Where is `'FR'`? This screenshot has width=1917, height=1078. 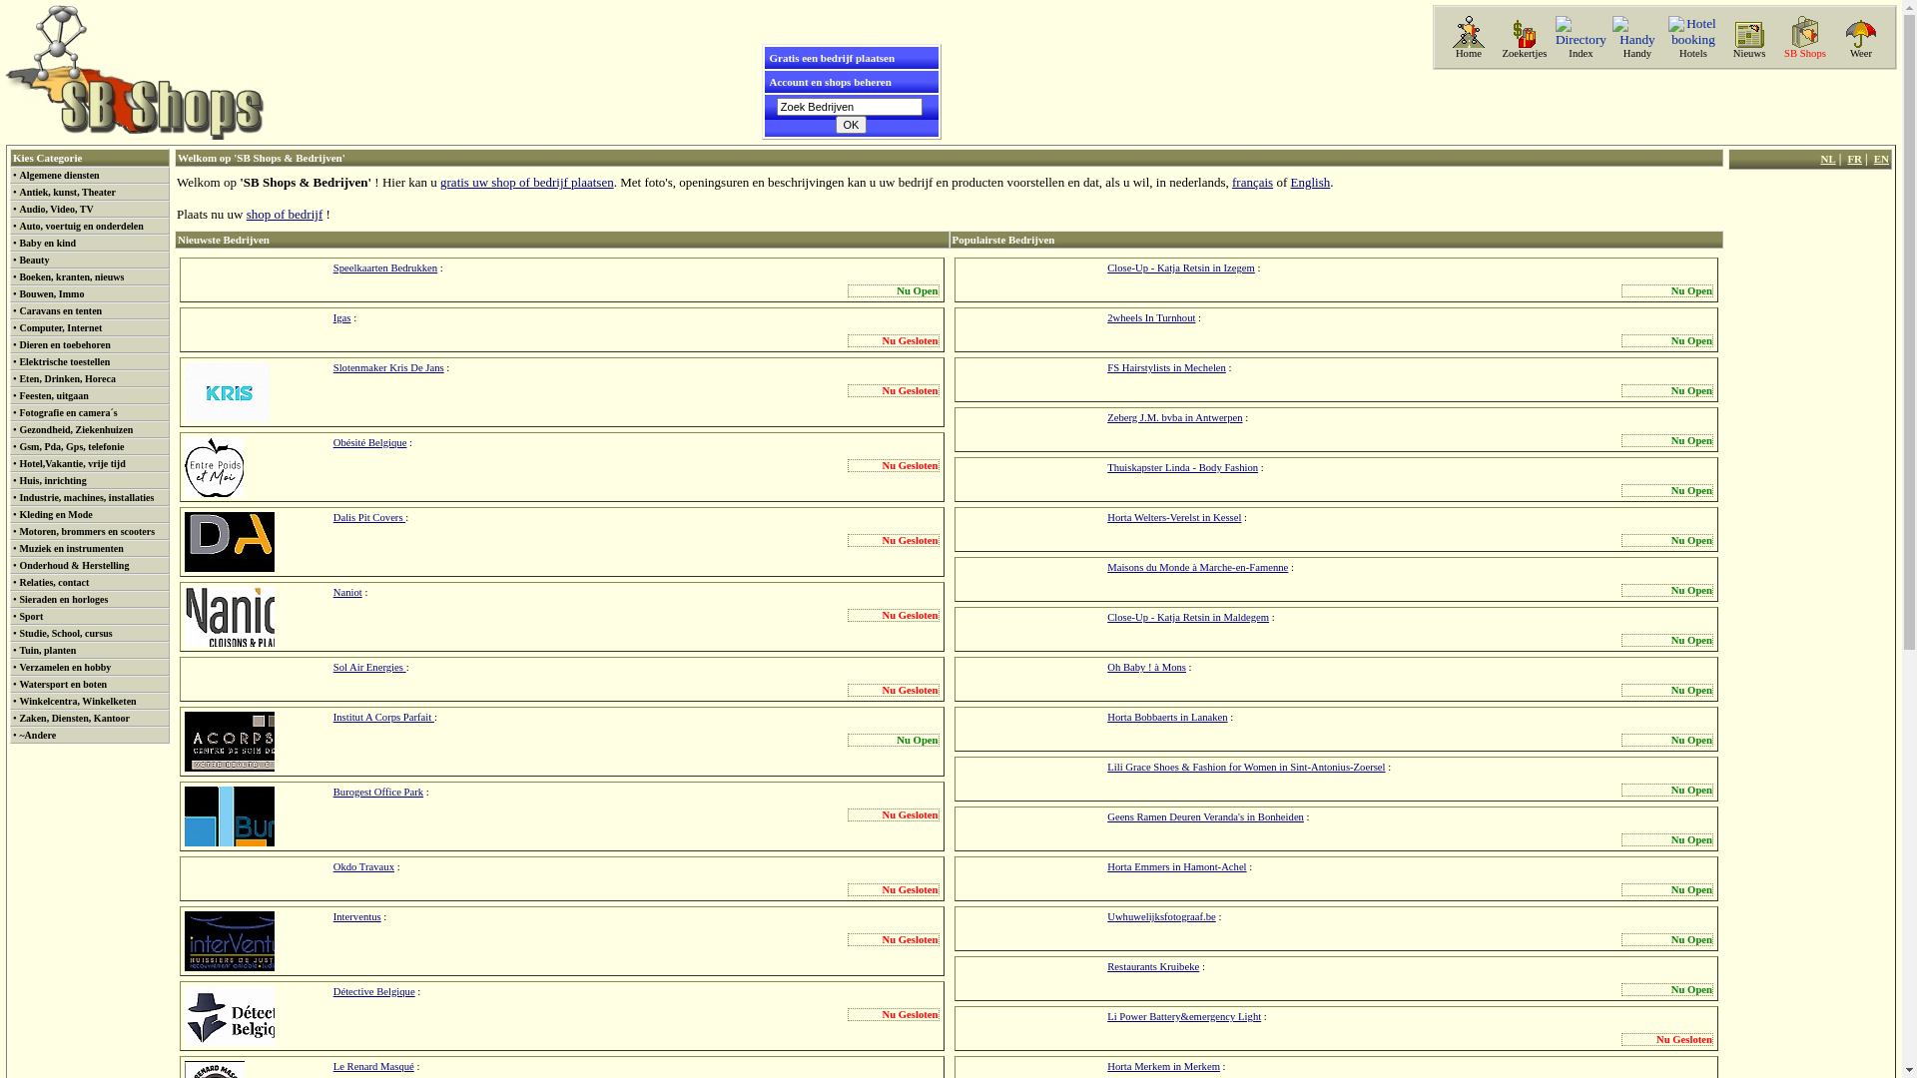
'FR' is located at coordinates (1853, 157).